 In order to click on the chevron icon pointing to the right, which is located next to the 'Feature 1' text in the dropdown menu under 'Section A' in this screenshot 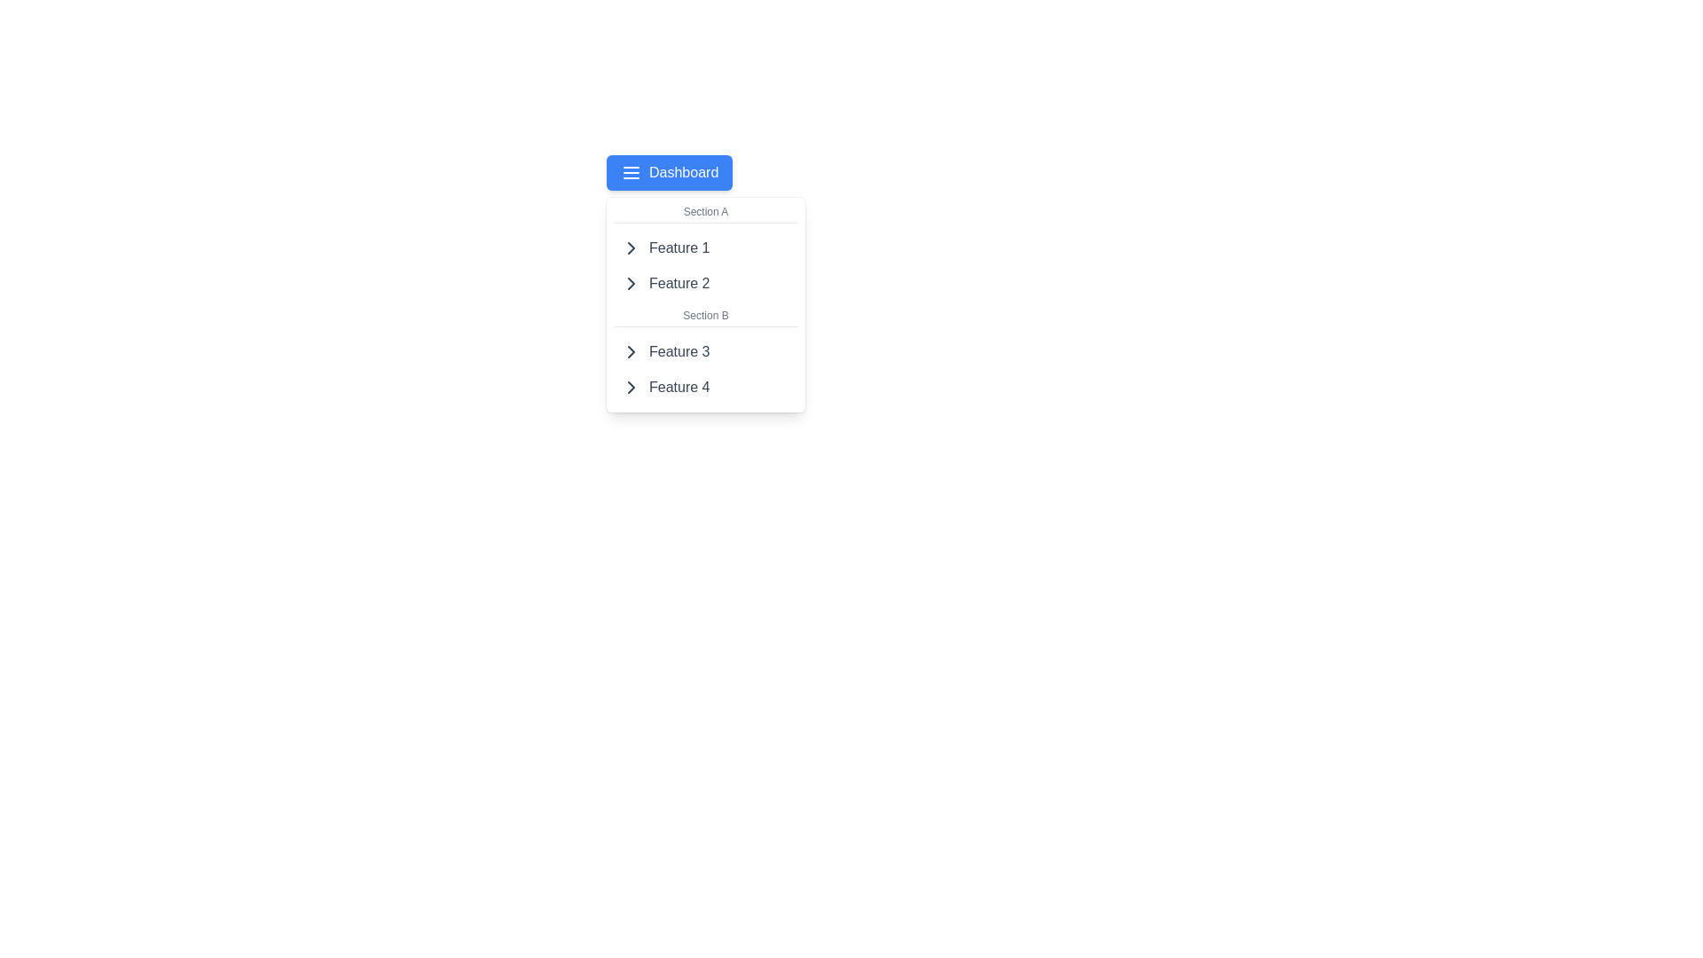, I will do `click(631, 248)`.